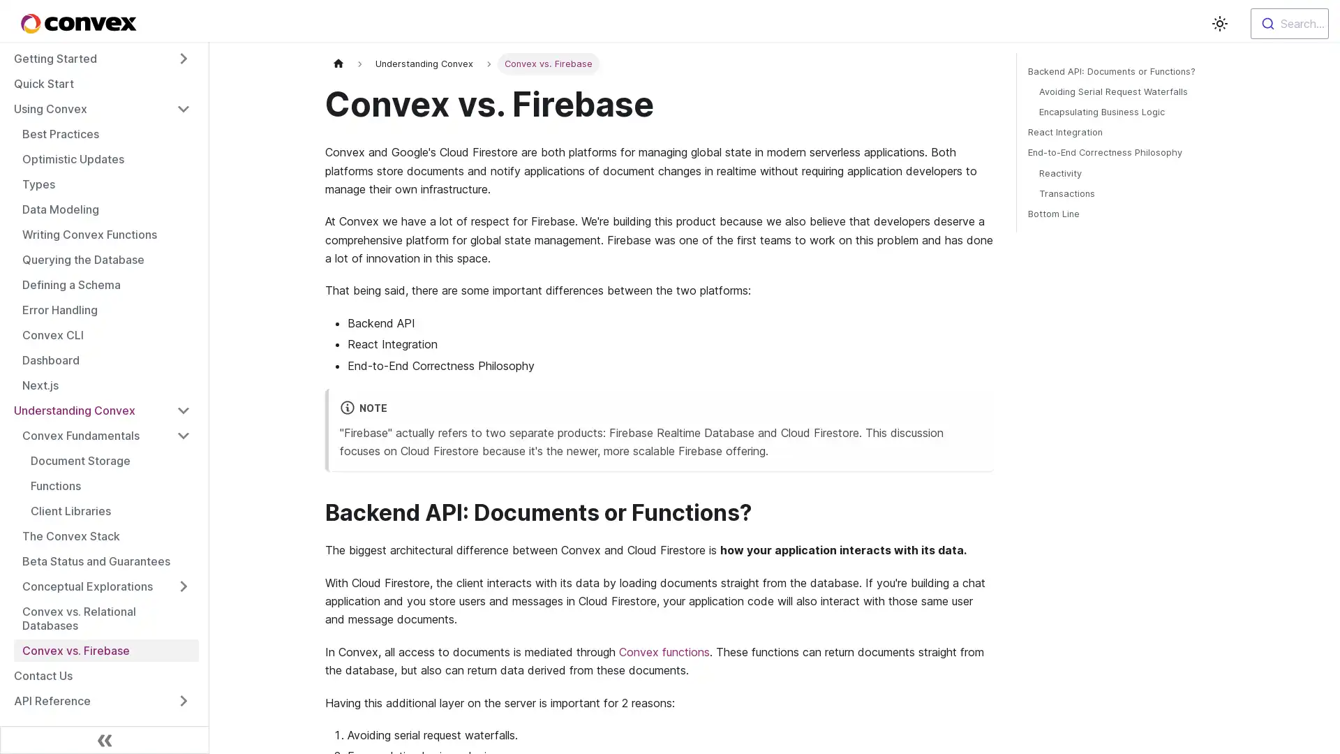 The image size is (1340, 754). I want to click on Toggle the collapsible sidebar category 'Conceptual Explorations', so click(183, 586).